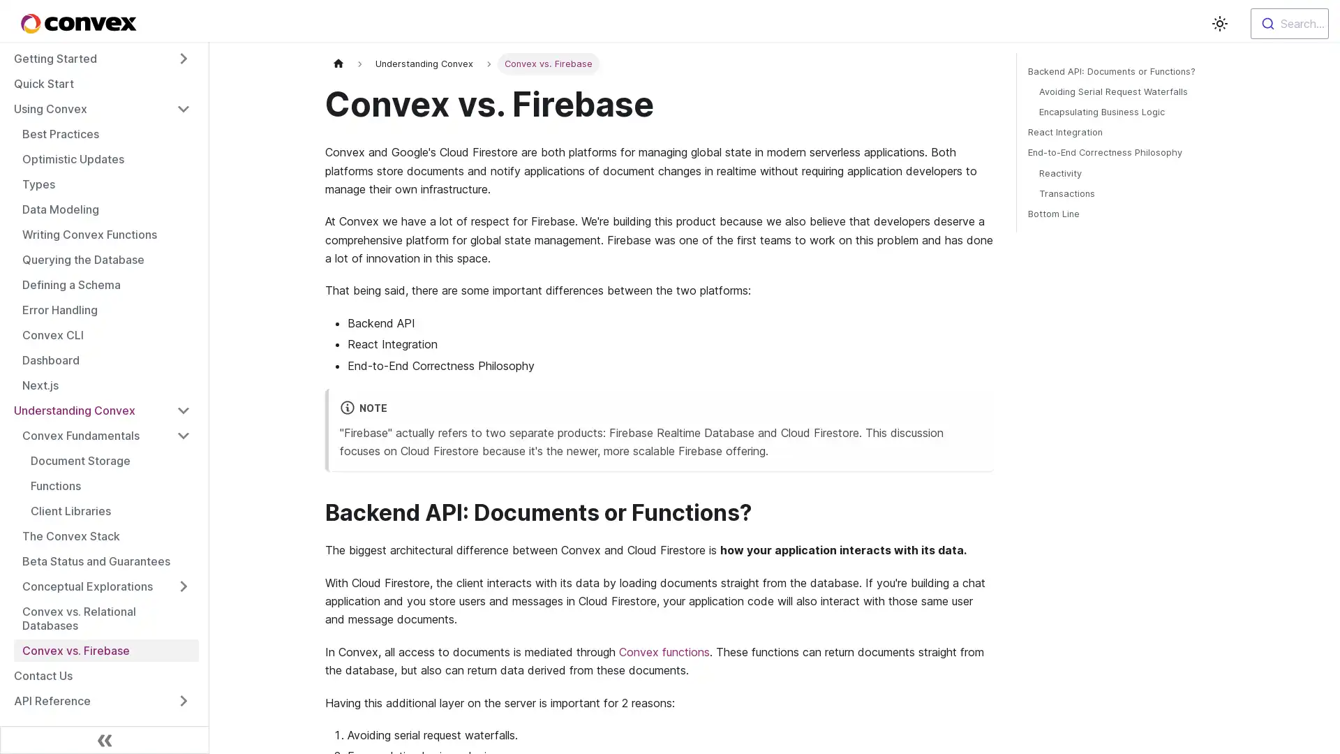 The image size is (1340, 754). I want to click on Toggle the collapsible sidebar category 'Conceptual Explorations', so click(183, 586).